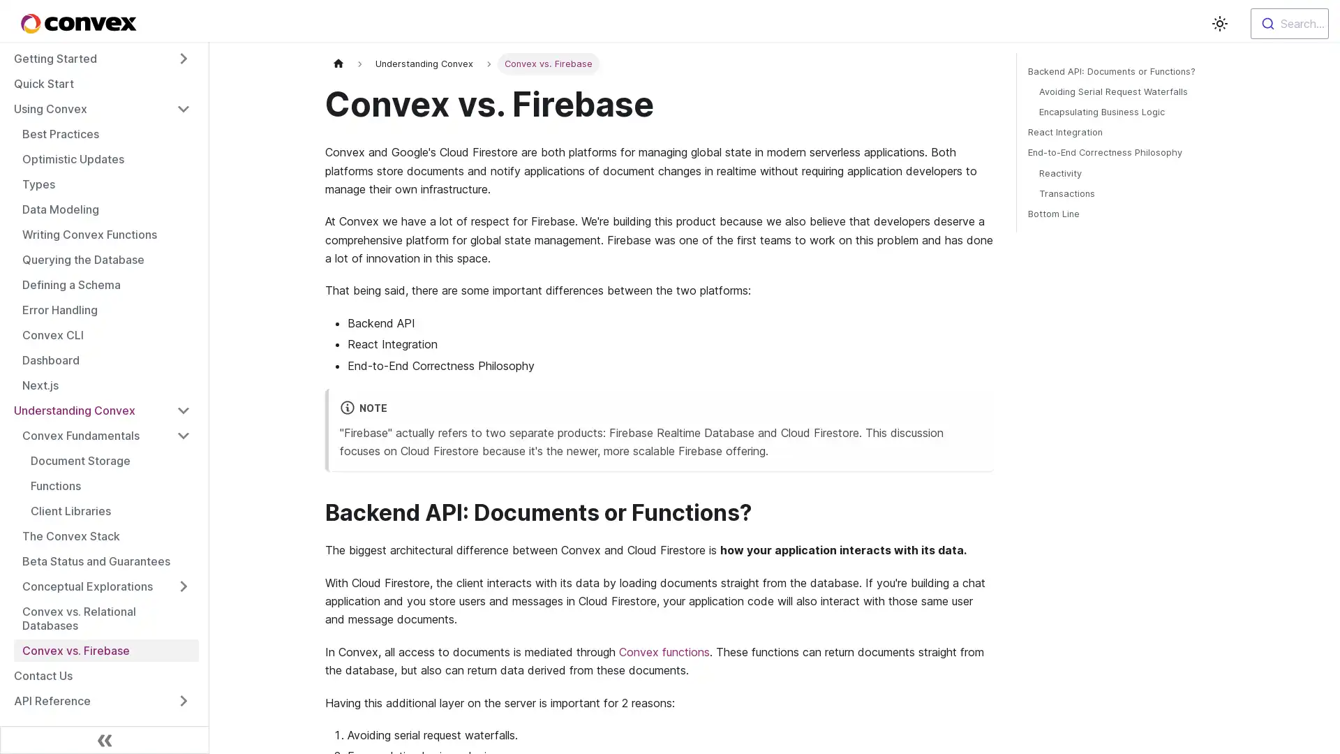 The image size is (1340, 754). I want to click on Toggle the collapsible sidebar category 'Conceptual Explorations', so click(183, 586).